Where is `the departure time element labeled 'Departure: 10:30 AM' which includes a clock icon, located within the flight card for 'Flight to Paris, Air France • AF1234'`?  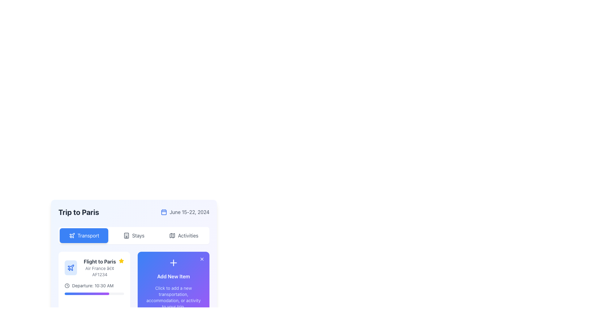
the departure time element labeled 'Departure: 10:30 AM' which includes a clock icon, located within the flight card for 'Flight to Paris, Air France • AF1234' is located at coordinates (94, 286).